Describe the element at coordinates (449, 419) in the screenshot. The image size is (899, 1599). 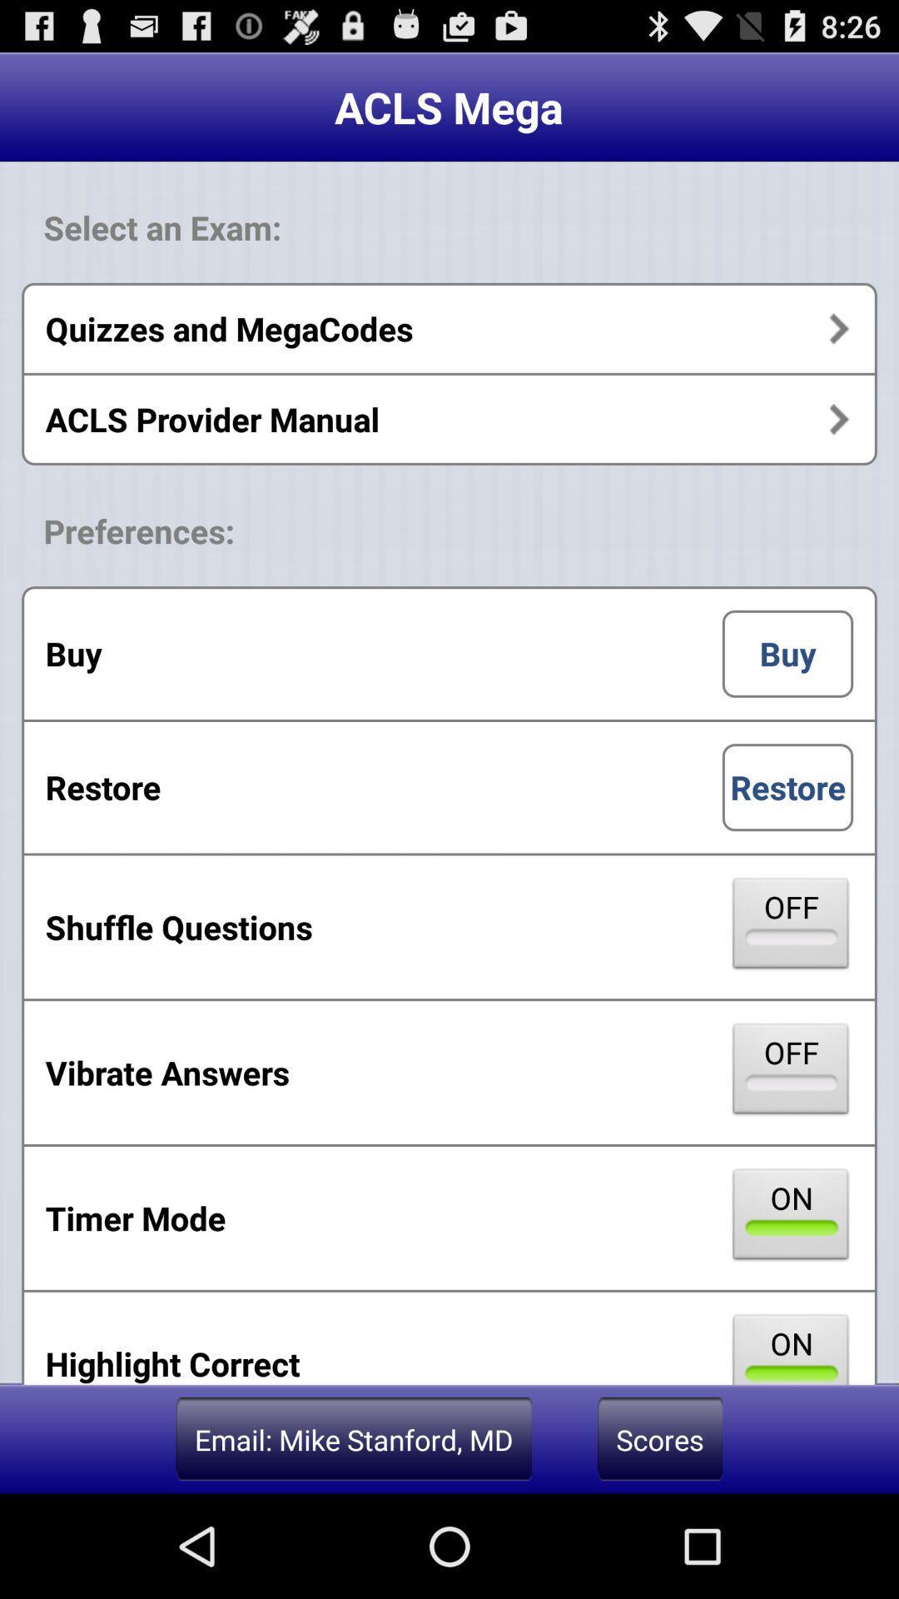
I see `the acls provider manual app` at that location.